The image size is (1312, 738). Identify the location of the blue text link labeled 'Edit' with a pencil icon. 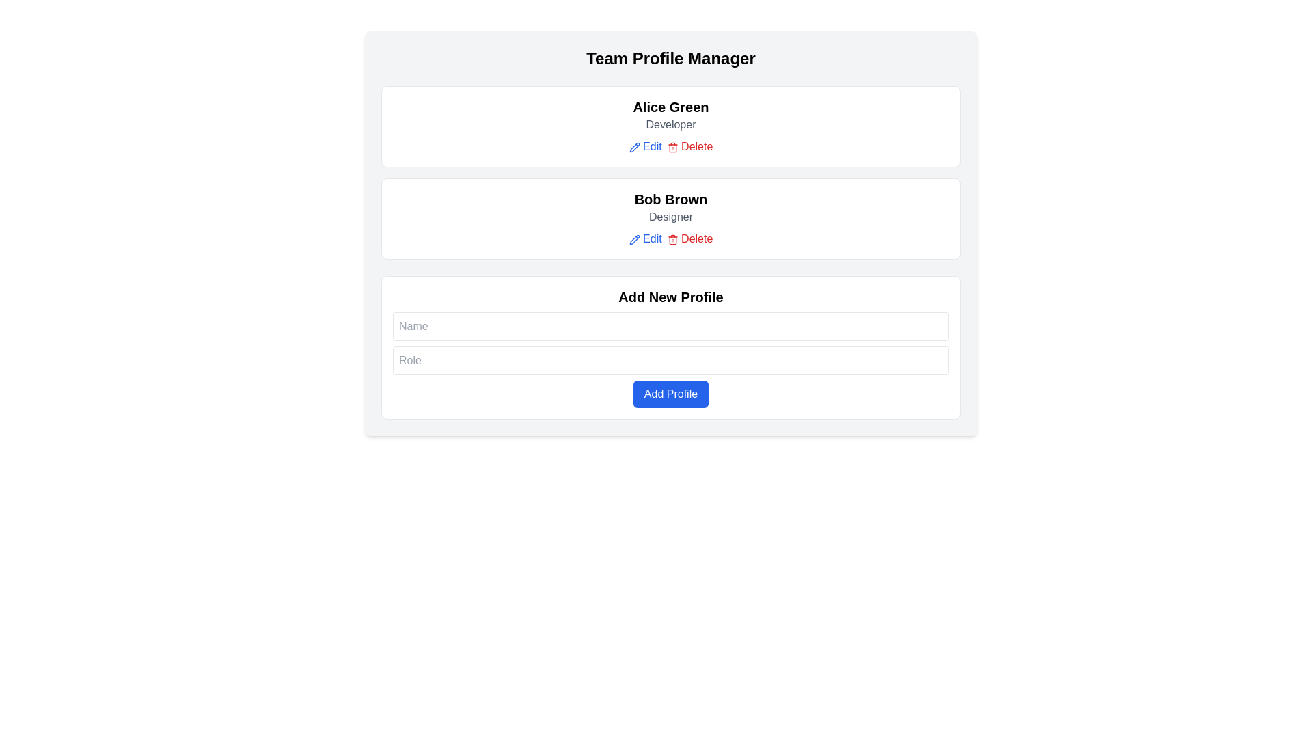
(644, 147).